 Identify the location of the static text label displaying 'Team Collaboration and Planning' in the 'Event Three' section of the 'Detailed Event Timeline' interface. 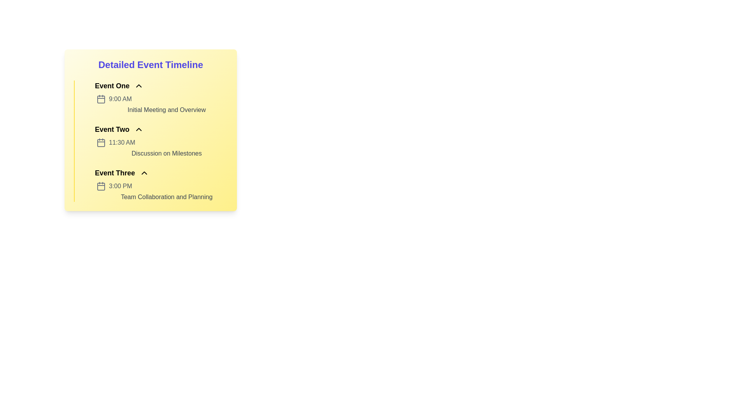
(166, 196).